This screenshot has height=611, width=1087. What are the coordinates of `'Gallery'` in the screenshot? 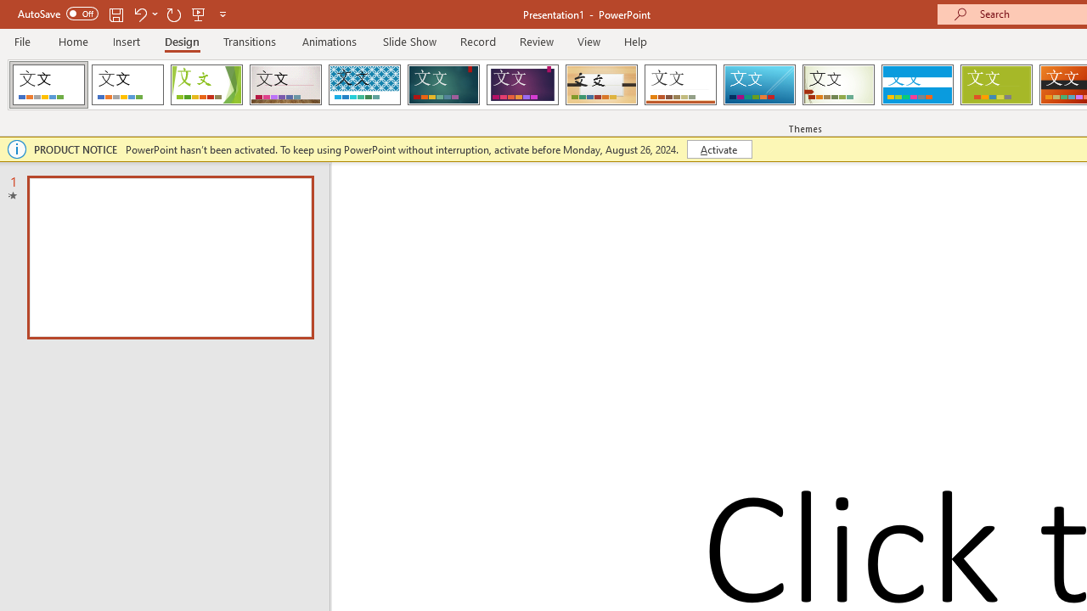 It's located at (285, 85).